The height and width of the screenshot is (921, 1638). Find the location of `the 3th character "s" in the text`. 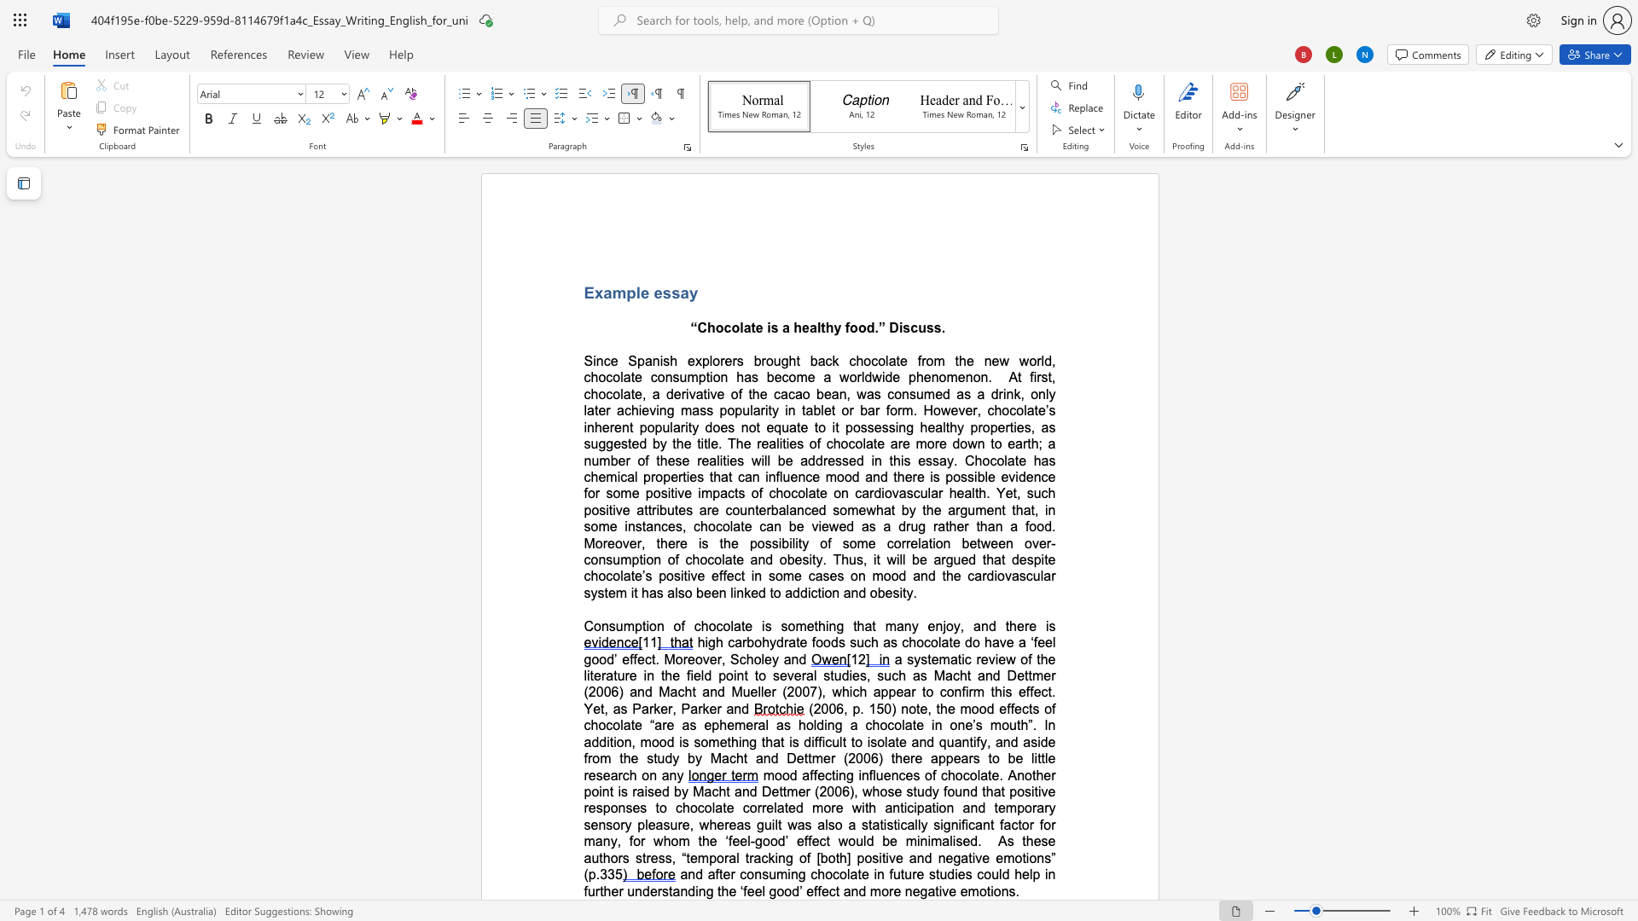

the 3th character "s" in the text is located at coordinates (929, 327).